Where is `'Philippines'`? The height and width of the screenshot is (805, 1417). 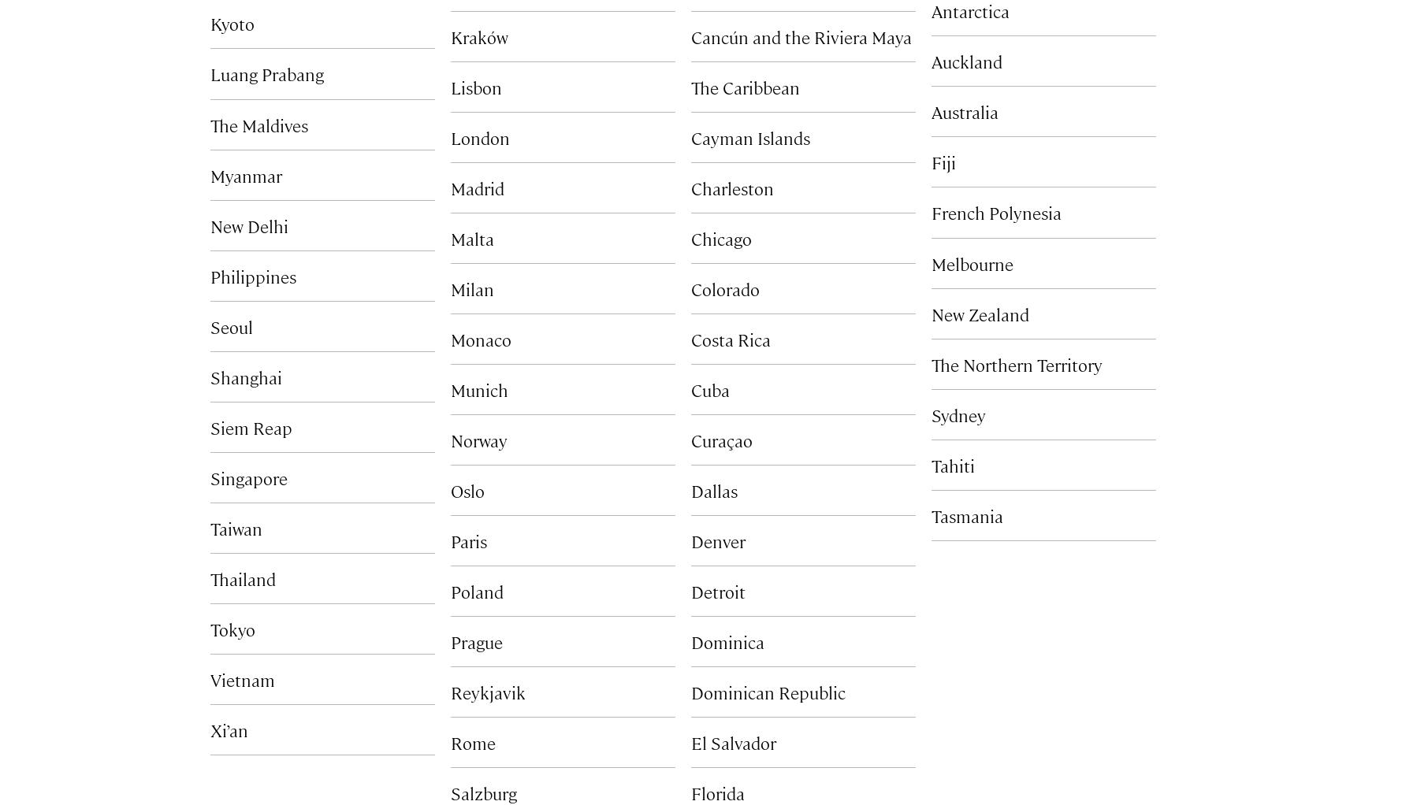 'Philippines' is located at coordinates (252, 275).